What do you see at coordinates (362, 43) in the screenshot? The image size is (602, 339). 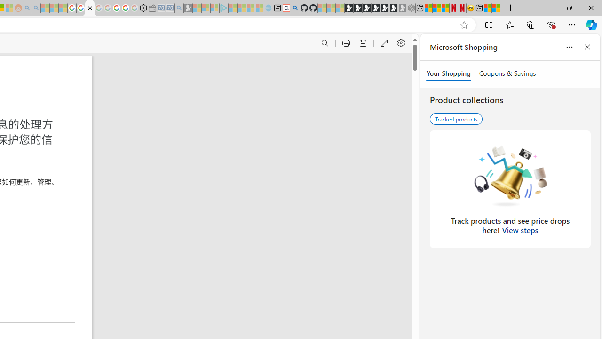 I see `'Save (Ctrl+S)'` at bounding box center [362, 43].